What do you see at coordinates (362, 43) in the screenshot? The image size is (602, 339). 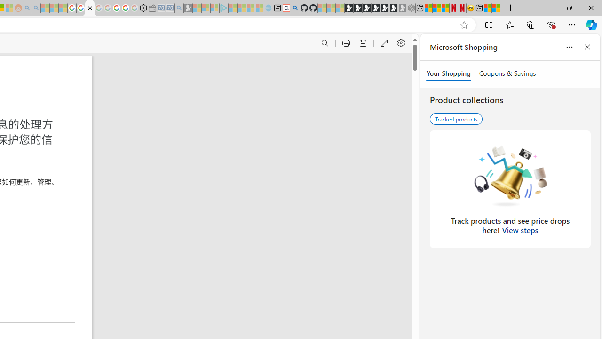 I see `'Save (Ctrl+S)'` at bounding box center [362, 43].